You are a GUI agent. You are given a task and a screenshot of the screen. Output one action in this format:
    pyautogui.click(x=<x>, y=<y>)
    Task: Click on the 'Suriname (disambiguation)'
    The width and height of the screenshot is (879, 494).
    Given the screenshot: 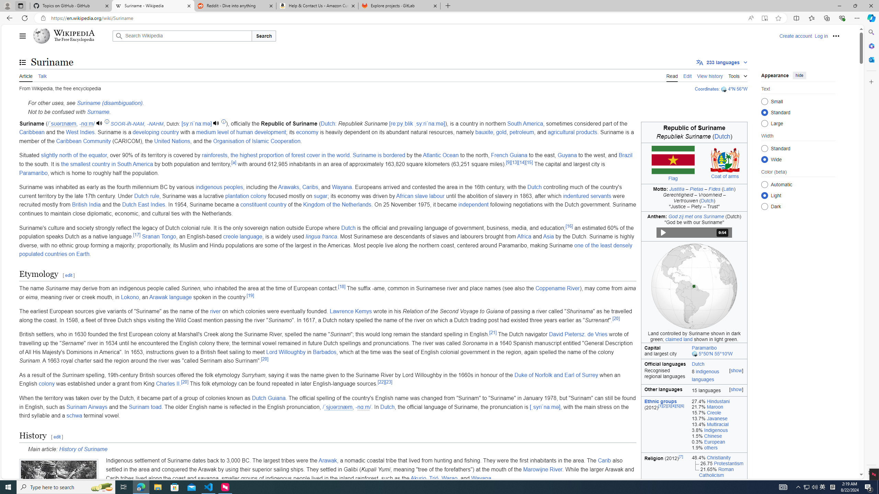 What is the action you would take?
    pyautogui.click(x=109, y=103)
    